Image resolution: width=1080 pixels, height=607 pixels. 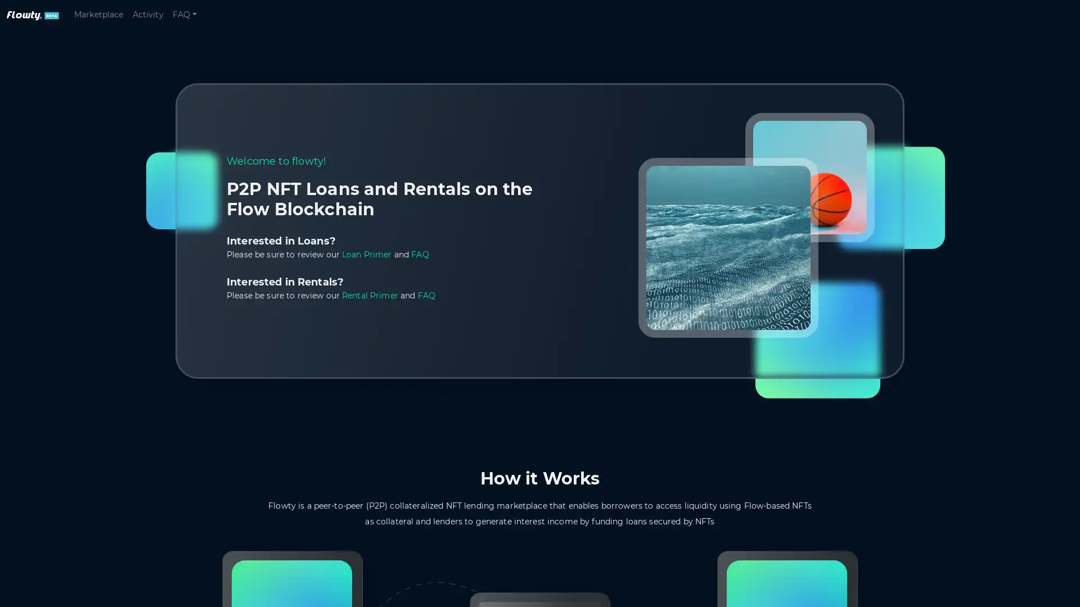 I want to click on FAQ, so click(x=184, y=18).